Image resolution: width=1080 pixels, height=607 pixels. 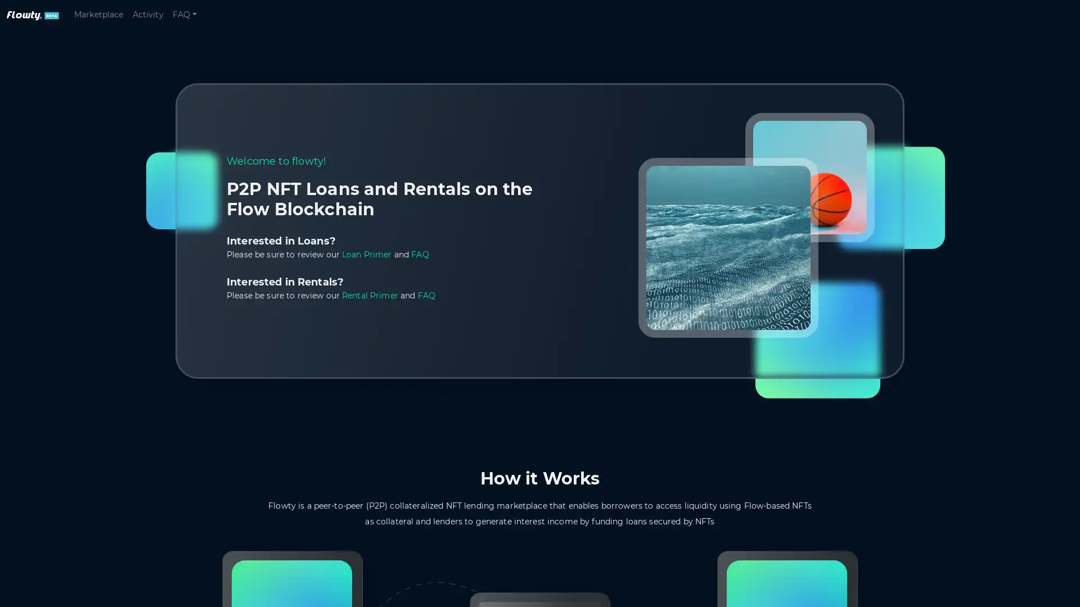 I want to click on FAQ, so click(x=184, y=18).